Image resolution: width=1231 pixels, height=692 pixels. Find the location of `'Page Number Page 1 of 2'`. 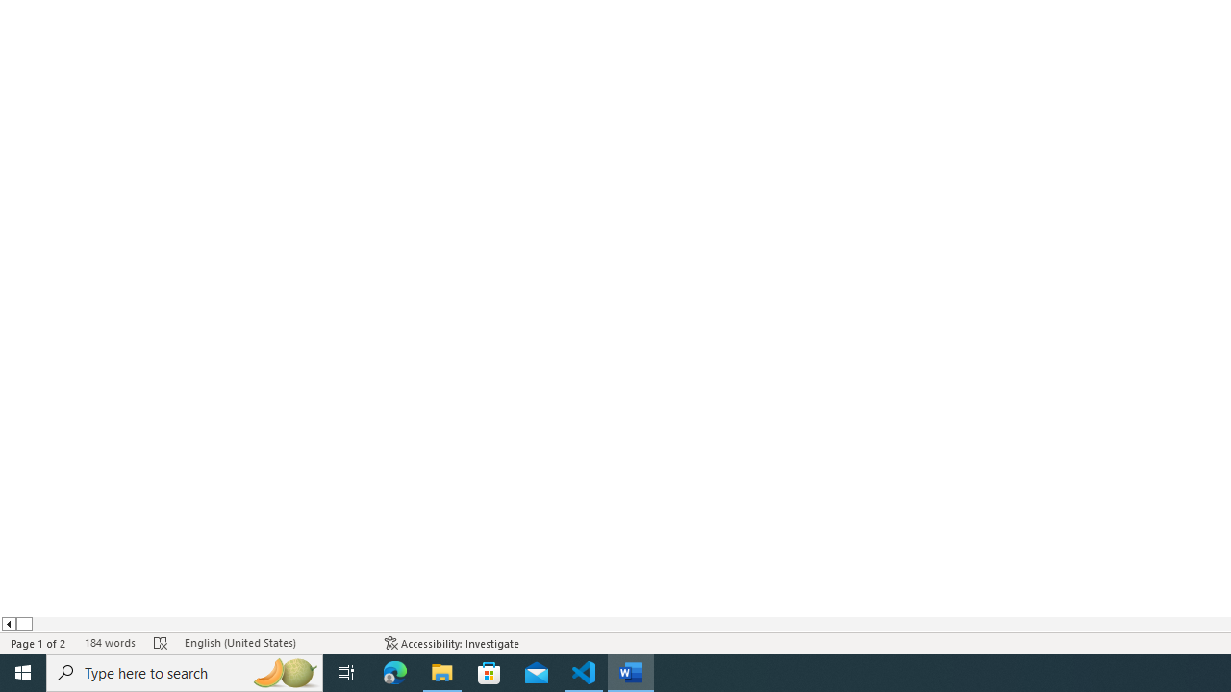

'Page Number Page 1 of 2' is located at coordinates (38, 643).